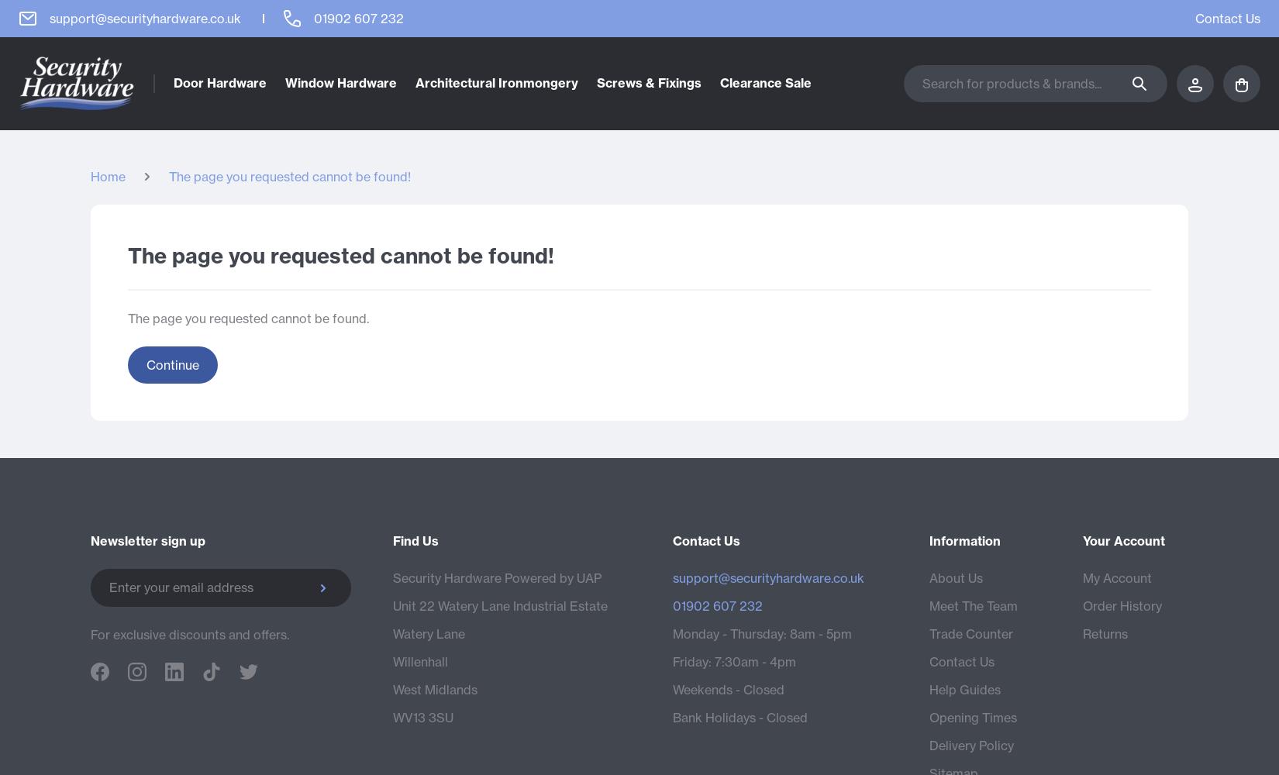 This screenshot has height=775, width=1279. What do you see at coordinates (415, 539) in the screenshot?
I see `'Find Us'` at bounding box center [415, 539].